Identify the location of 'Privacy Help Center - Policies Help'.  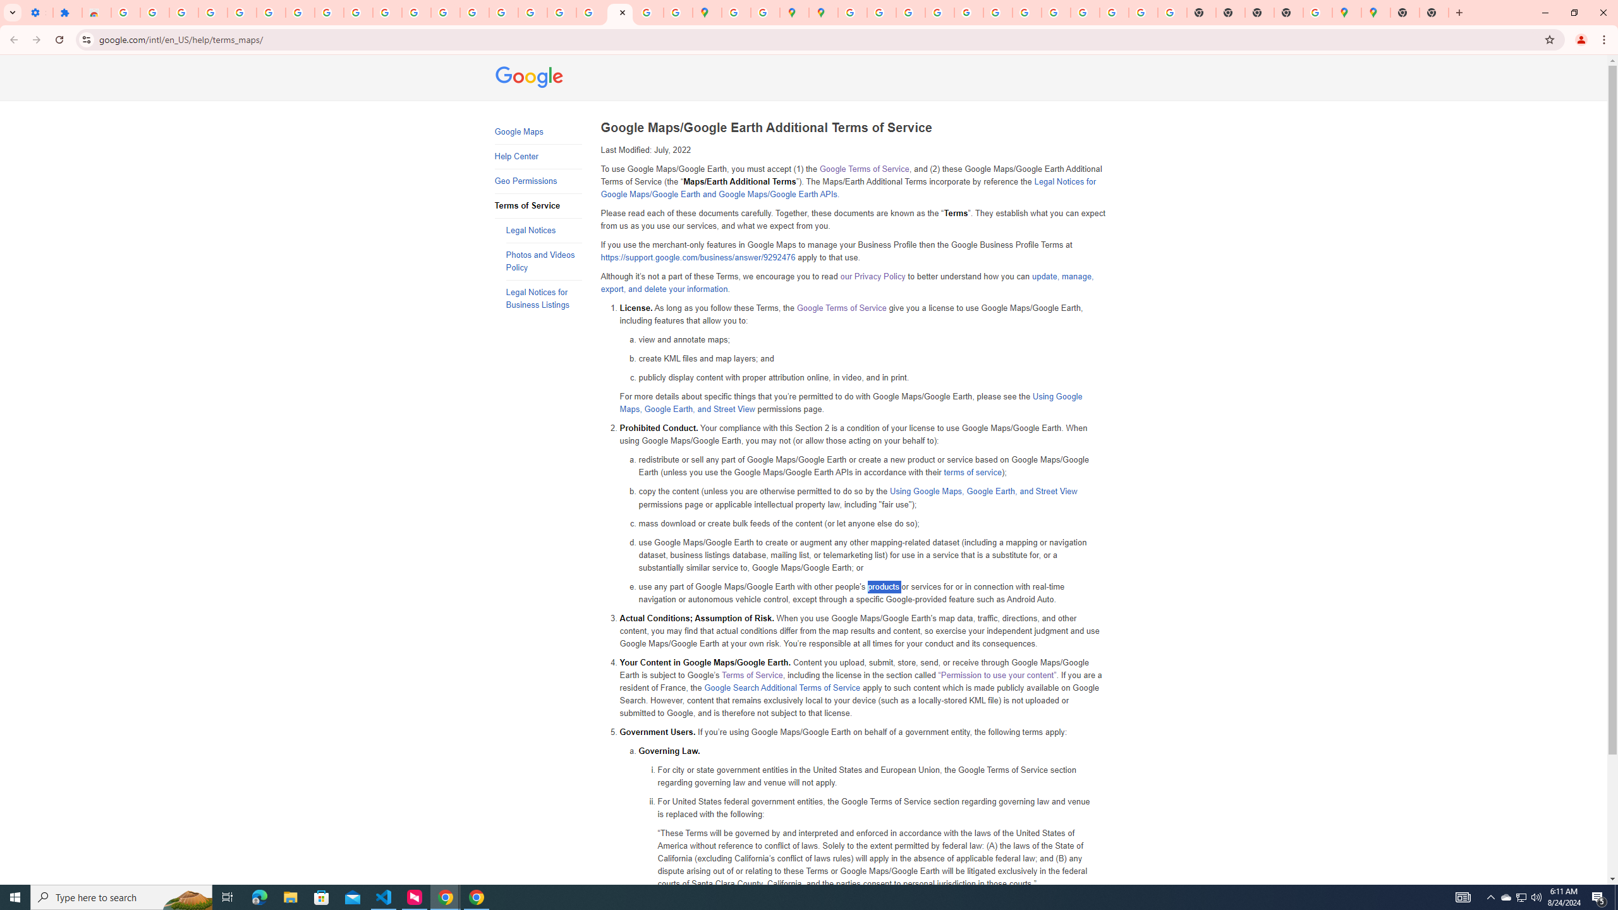
(909, 12).